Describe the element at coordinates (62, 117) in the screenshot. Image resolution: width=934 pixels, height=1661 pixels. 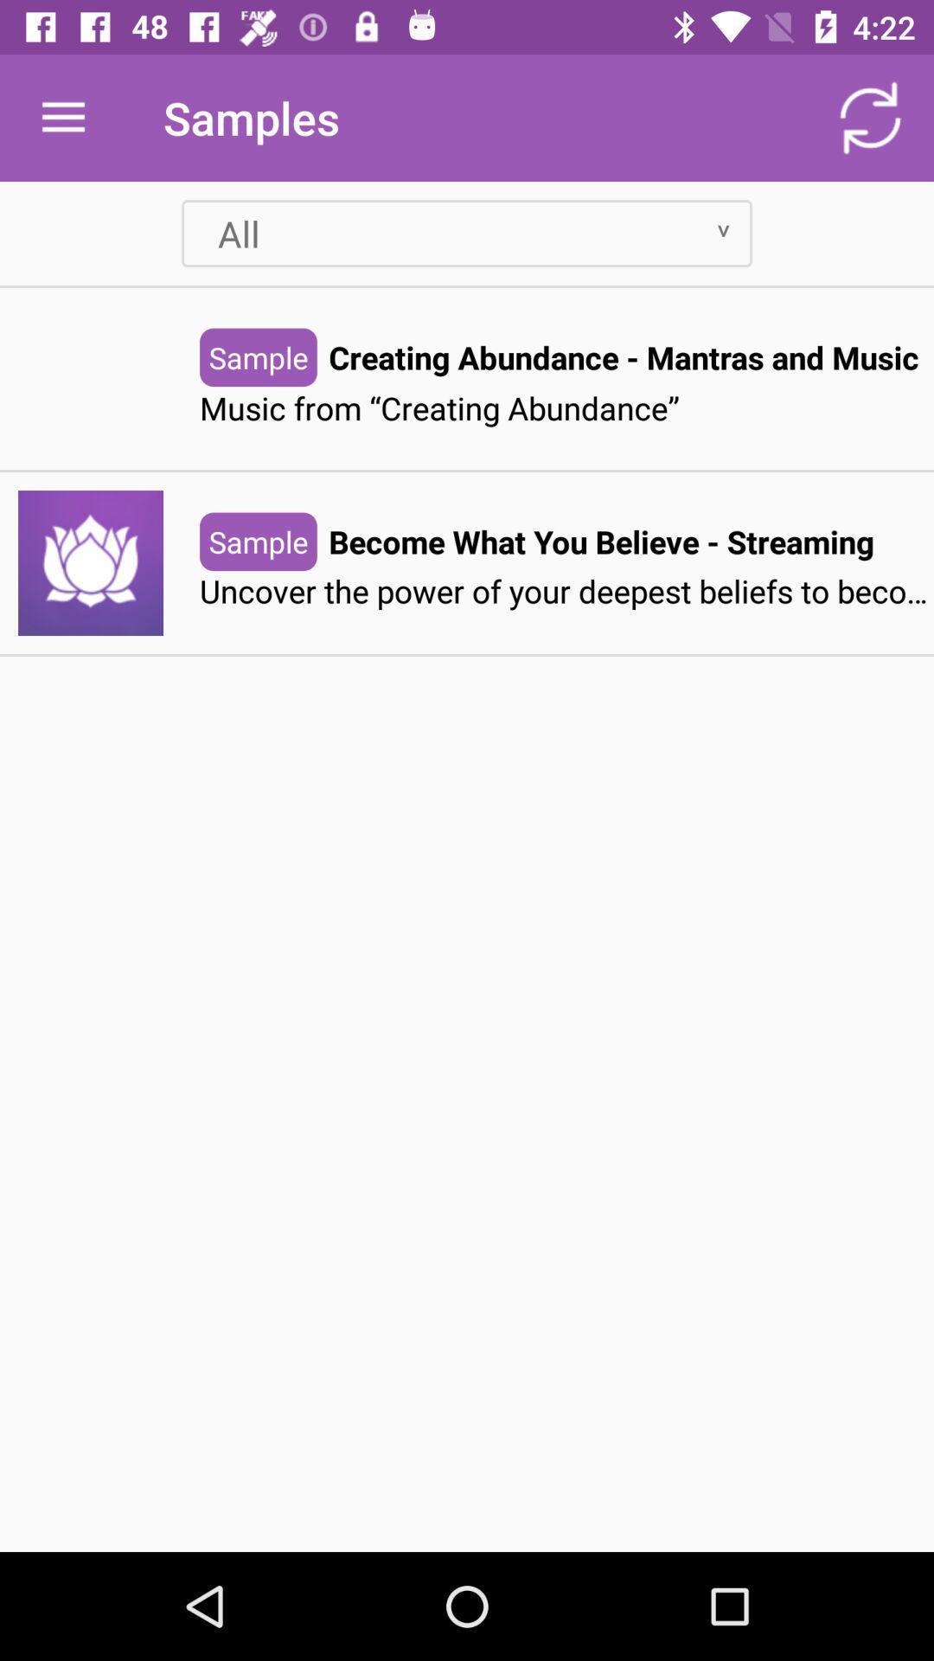
I see `the item to the left of the samples icon` at that location.